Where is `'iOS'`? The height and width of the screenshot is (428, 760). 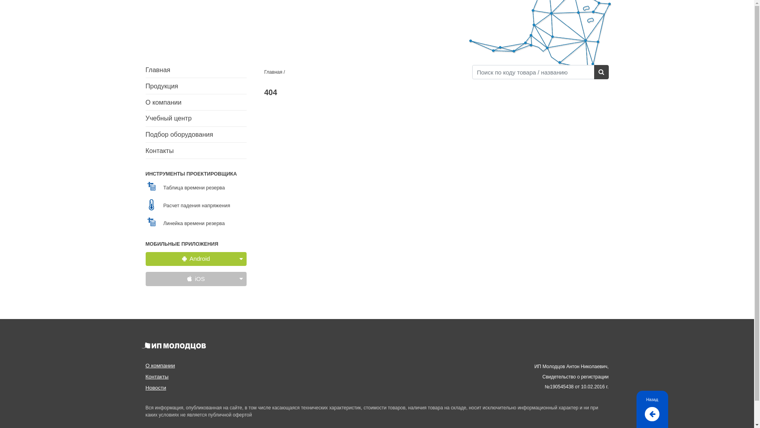
'iOS' is located at coordinates (196, 279).